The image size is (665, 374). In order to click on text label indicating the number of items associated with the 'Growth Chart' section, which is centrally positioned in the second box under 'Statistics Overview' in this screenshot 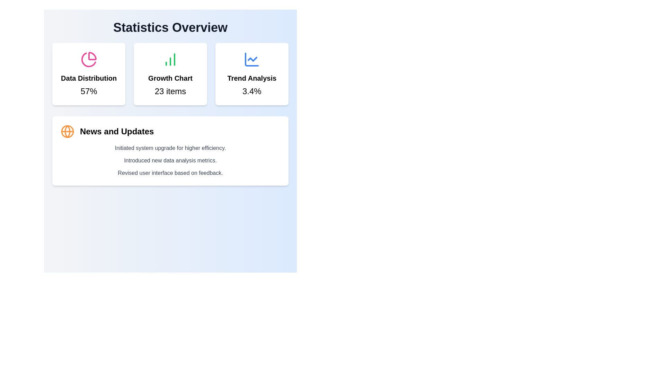, I will do `click(170, 91)`.